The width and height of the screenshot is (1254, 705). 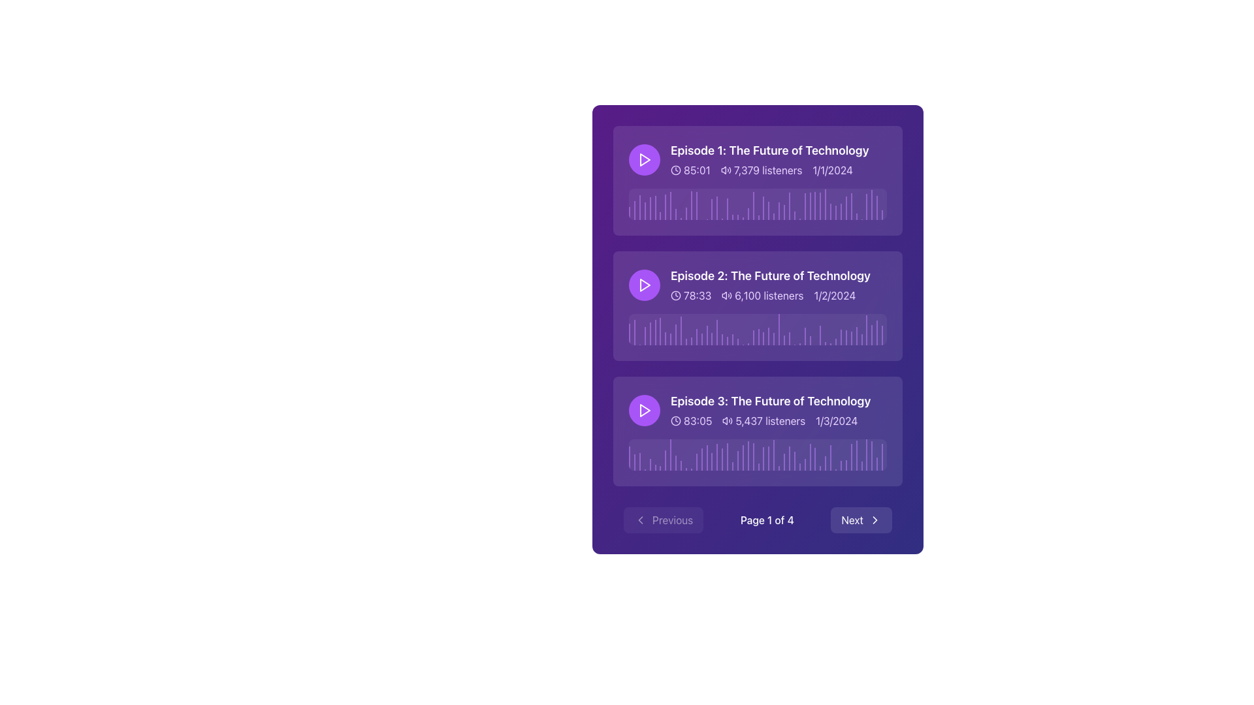 What do you see at coordinates (769, 170) in the screenshot?
I see `informational text group located below the title 'Episode 1: The Future of Technology', which displays the episode's duration, listener count, and release date` at bounding box center [769, 170].